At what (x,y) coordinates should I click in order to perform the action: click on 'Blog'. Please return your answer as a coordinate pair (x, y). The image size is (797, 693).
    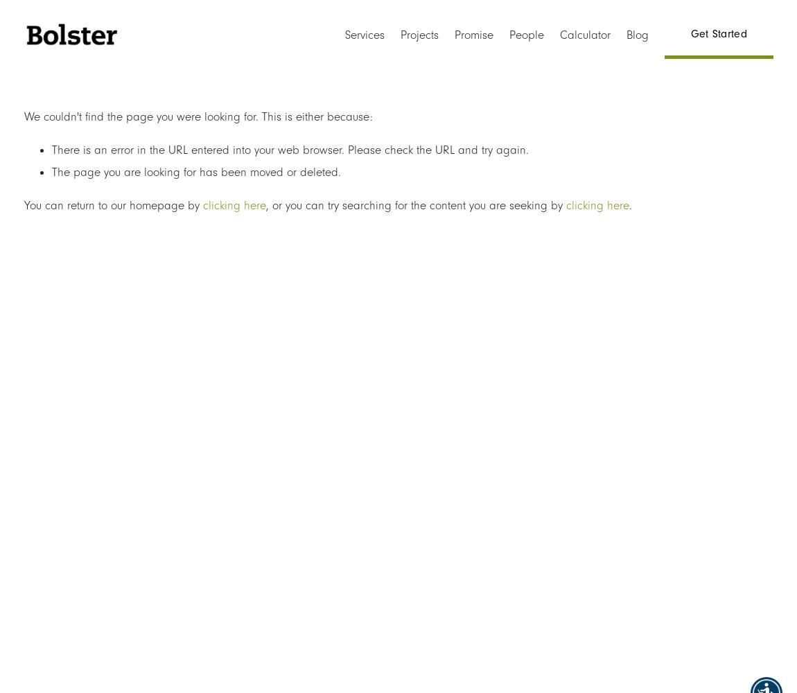
    Looking at the image, I should click on (638, 35).